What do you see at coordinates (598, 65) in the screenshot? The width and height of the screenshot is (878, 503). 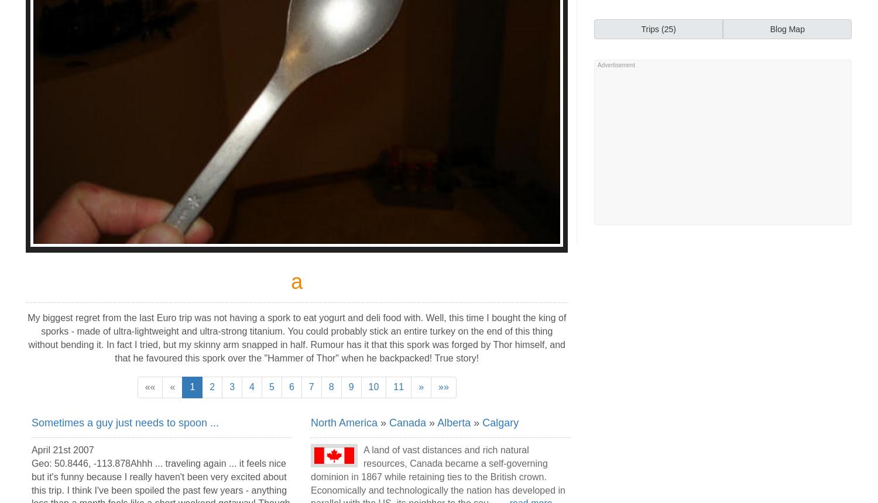 I see `'Advertisement'` at bounding box center [598, 65].